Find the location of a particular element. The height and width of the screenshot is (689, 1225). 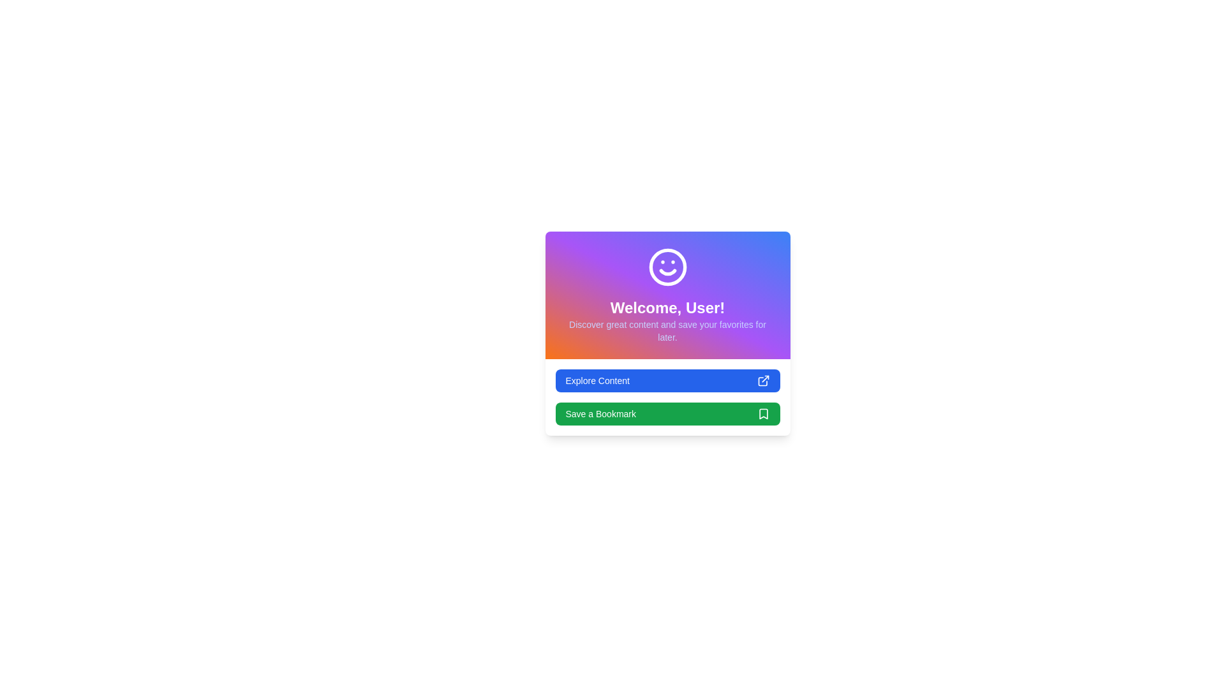

the external link icon located in the upper-right corner of the 'Explore Content' button is located at coordinates (763, 380).